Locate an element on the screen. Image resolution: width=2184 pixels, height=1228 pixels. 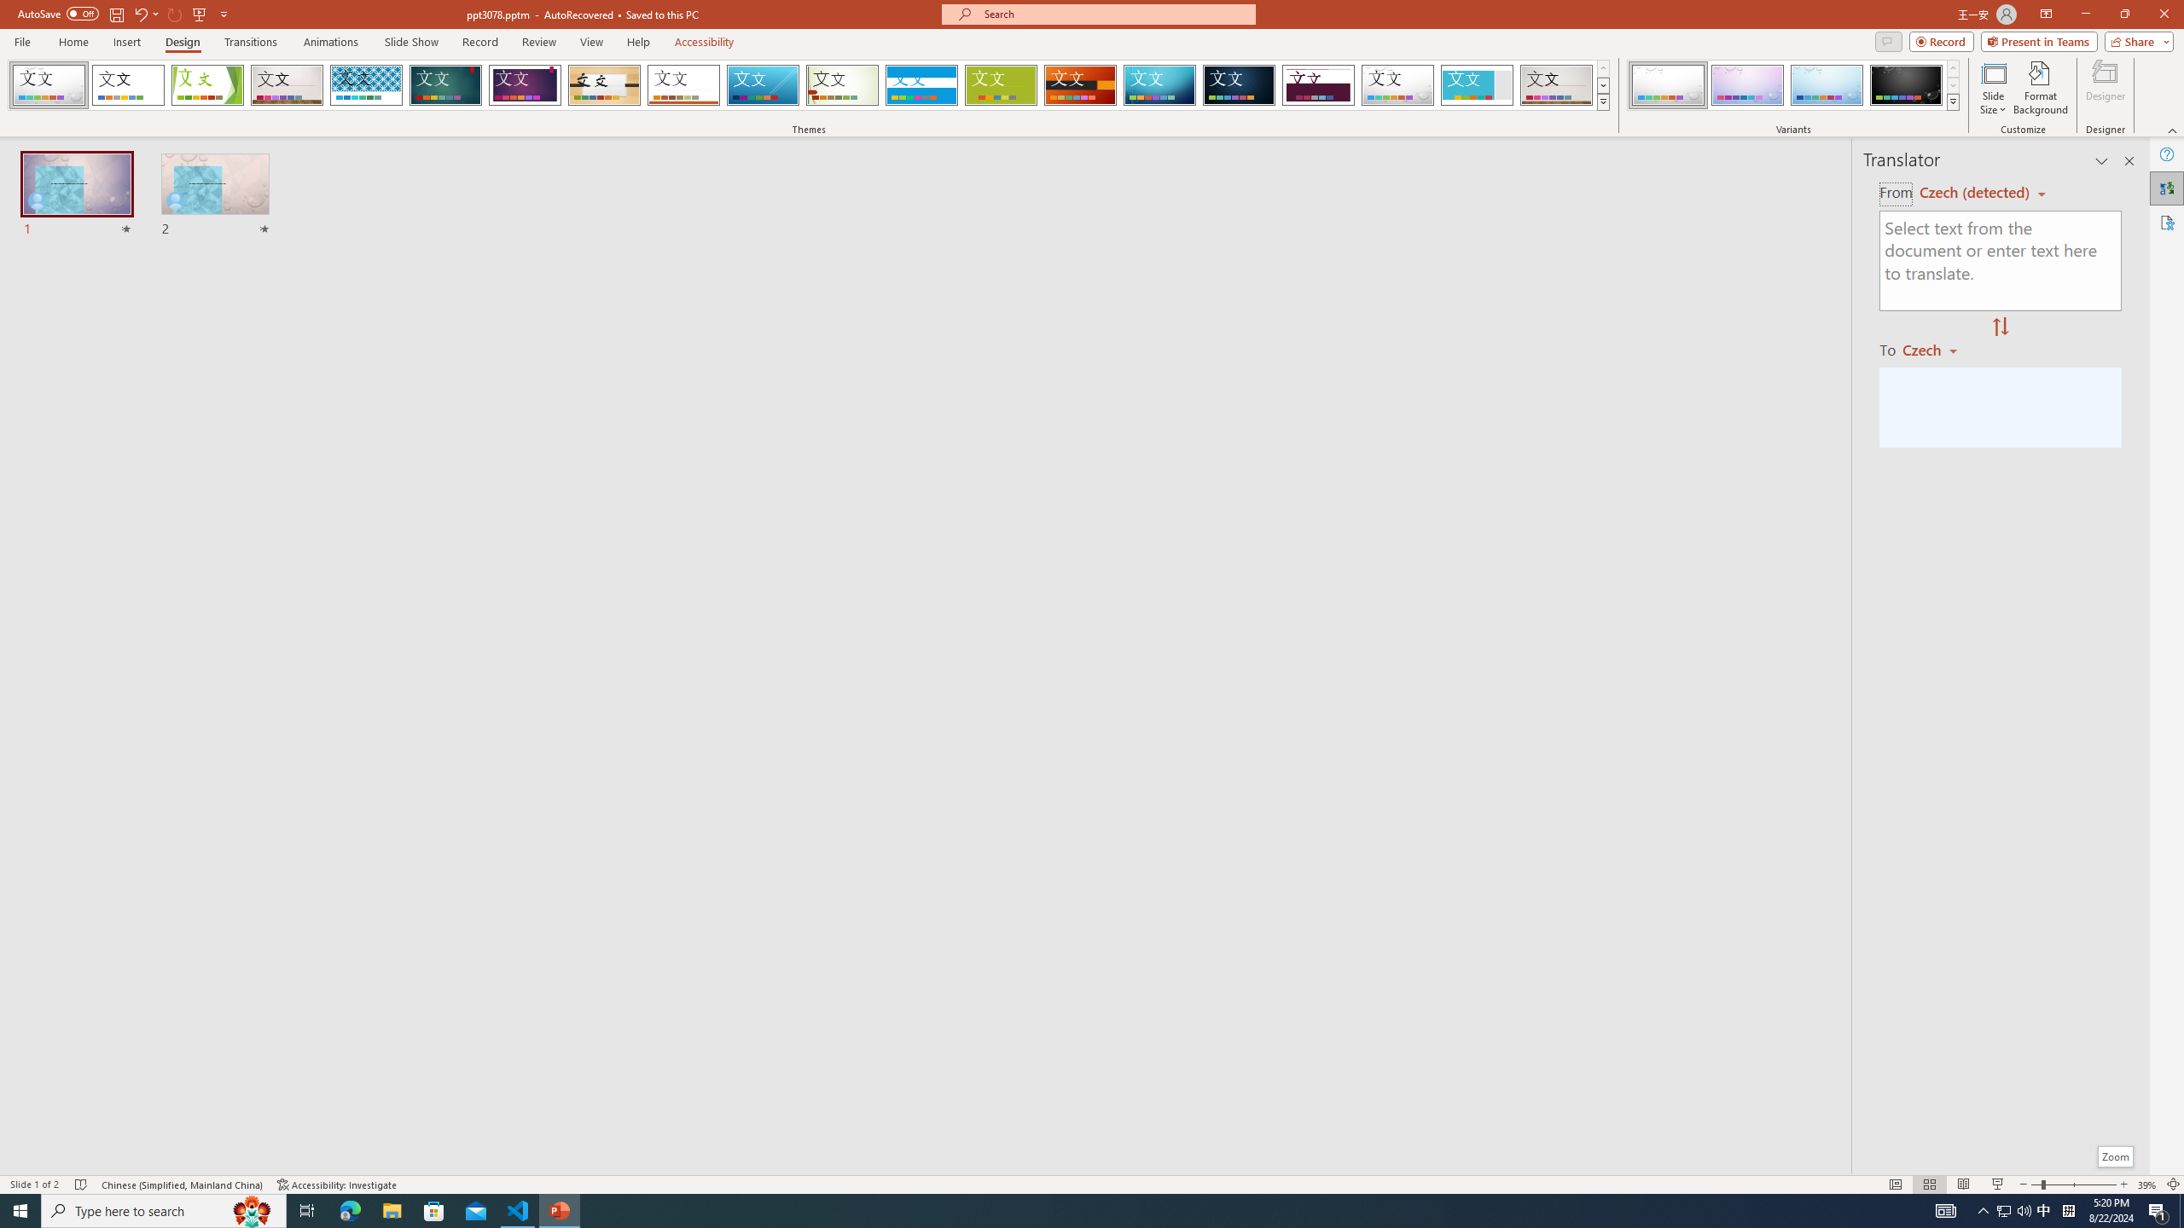
'Banded' is located at coordinates (921, 84).